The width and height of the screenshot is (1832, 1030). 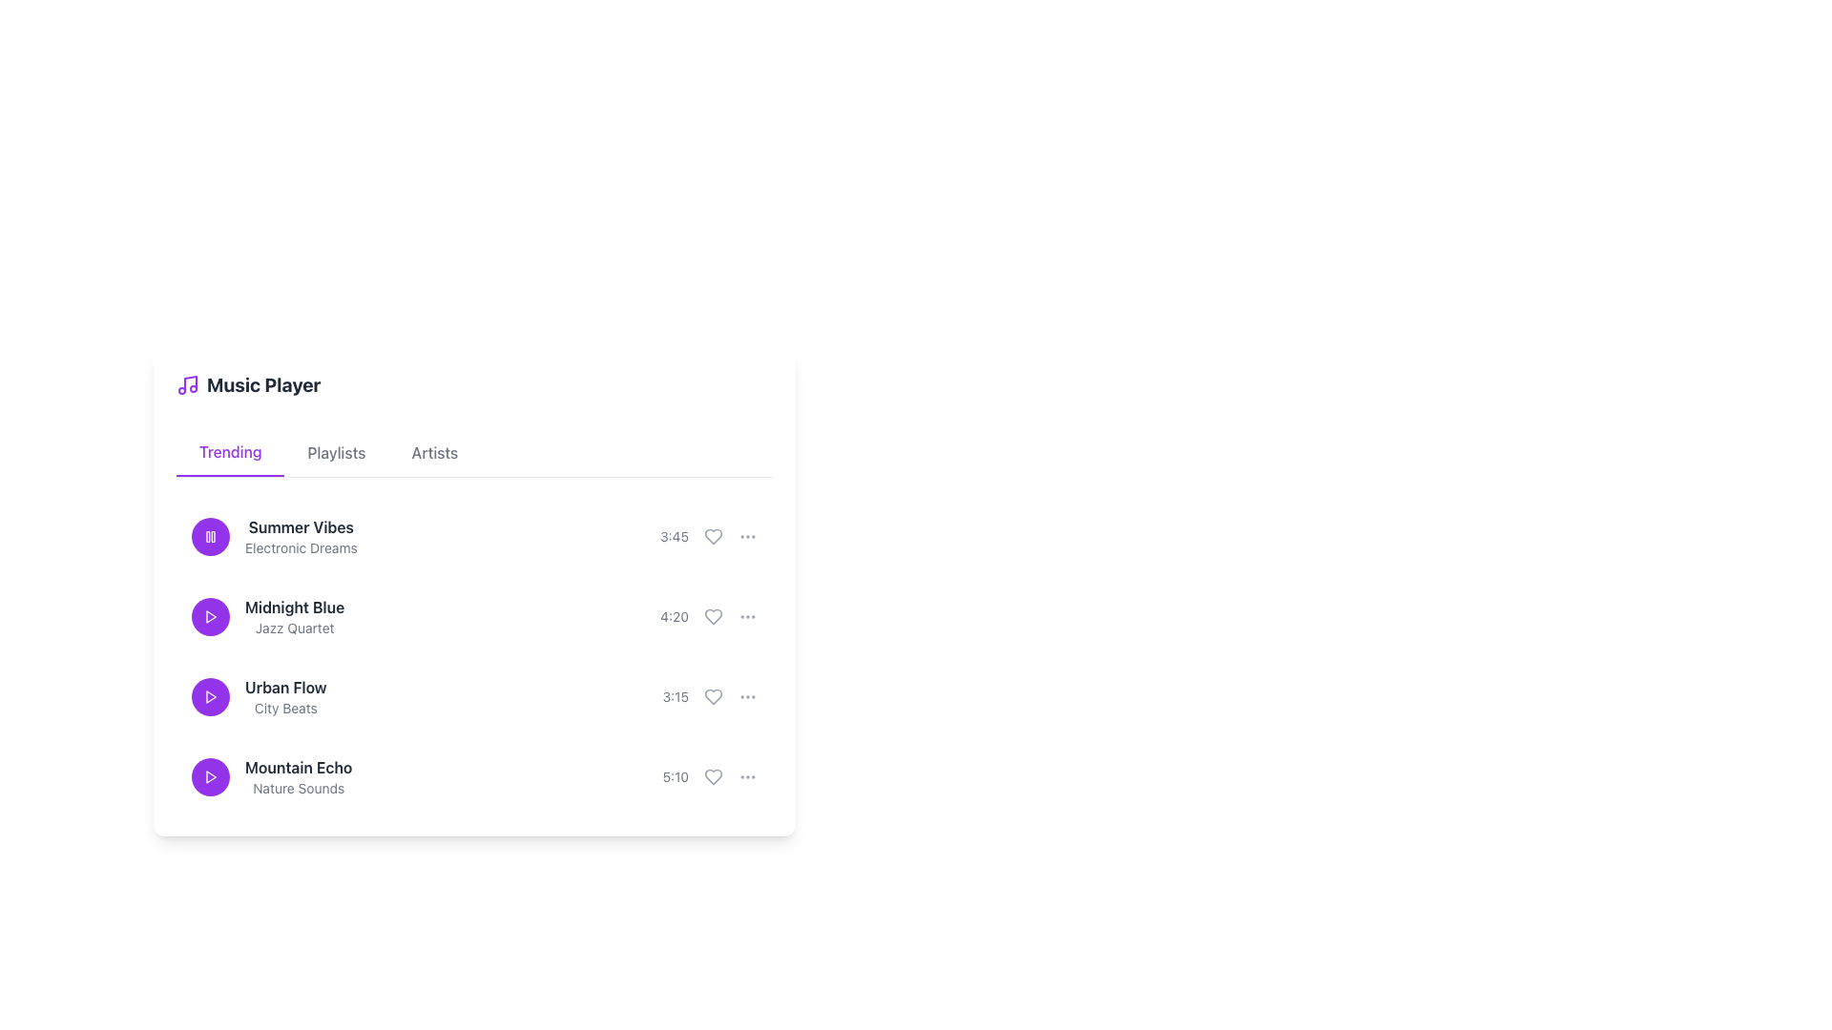 What do you see at coordinates (187, 385) in the screenshot?
I see `the purple music note icon located to the left of the 'Music Player' text in the header section of the interface` at bounding box center [187, 385].